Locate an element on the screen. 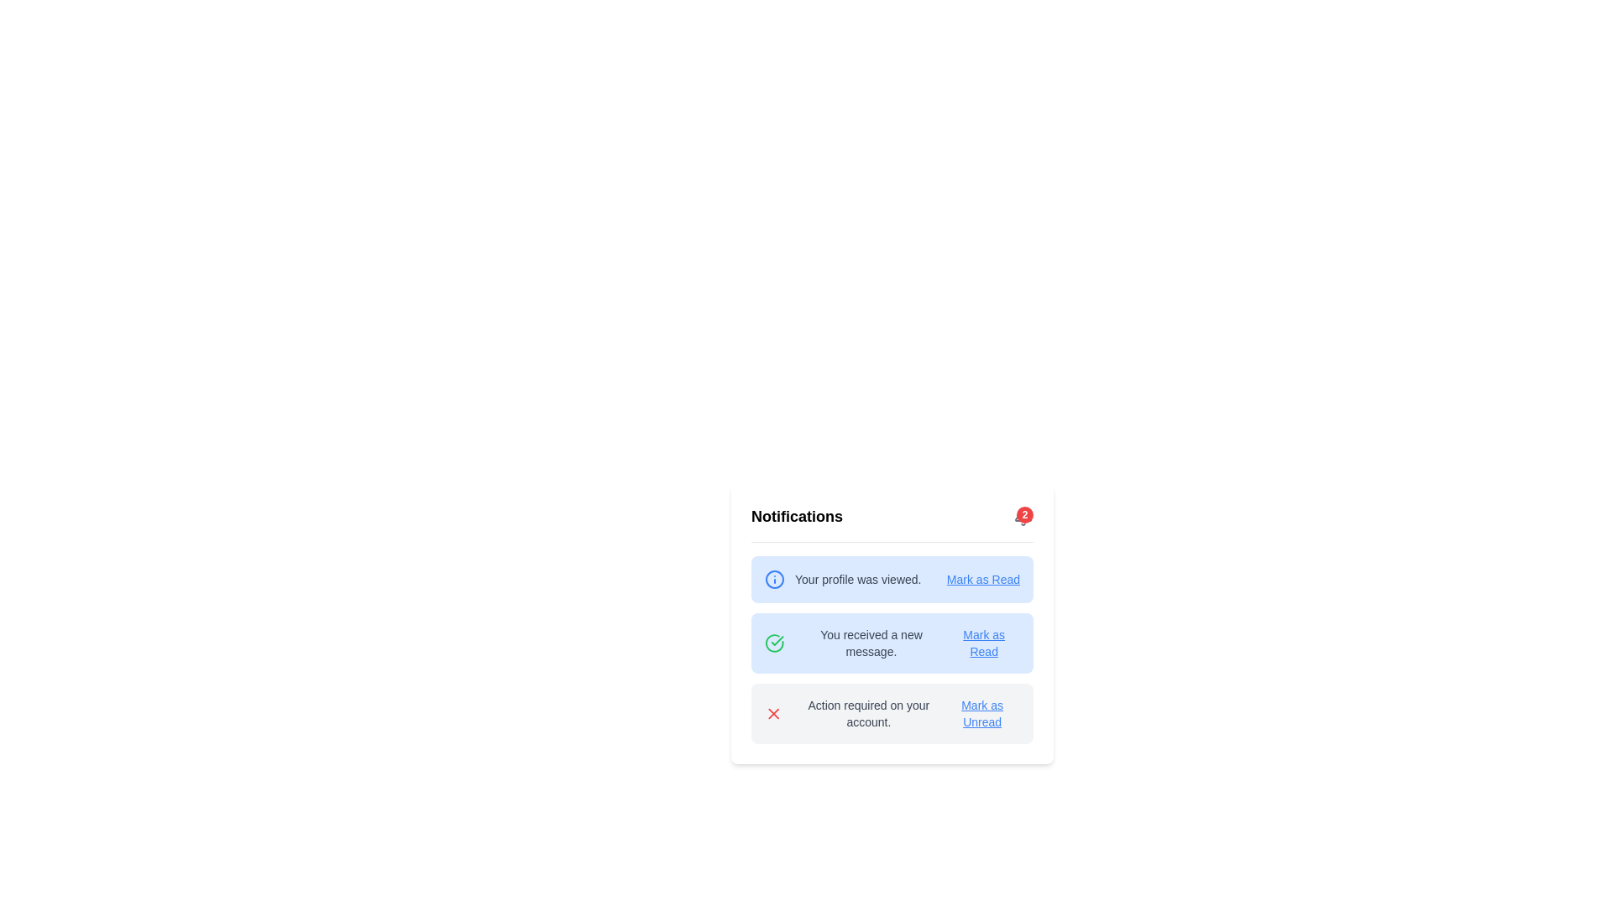  the count displayed on the circular red Counter badge showing the number '2' located at the top-right corner of the notification icon is located at coordinates (1023, 513).